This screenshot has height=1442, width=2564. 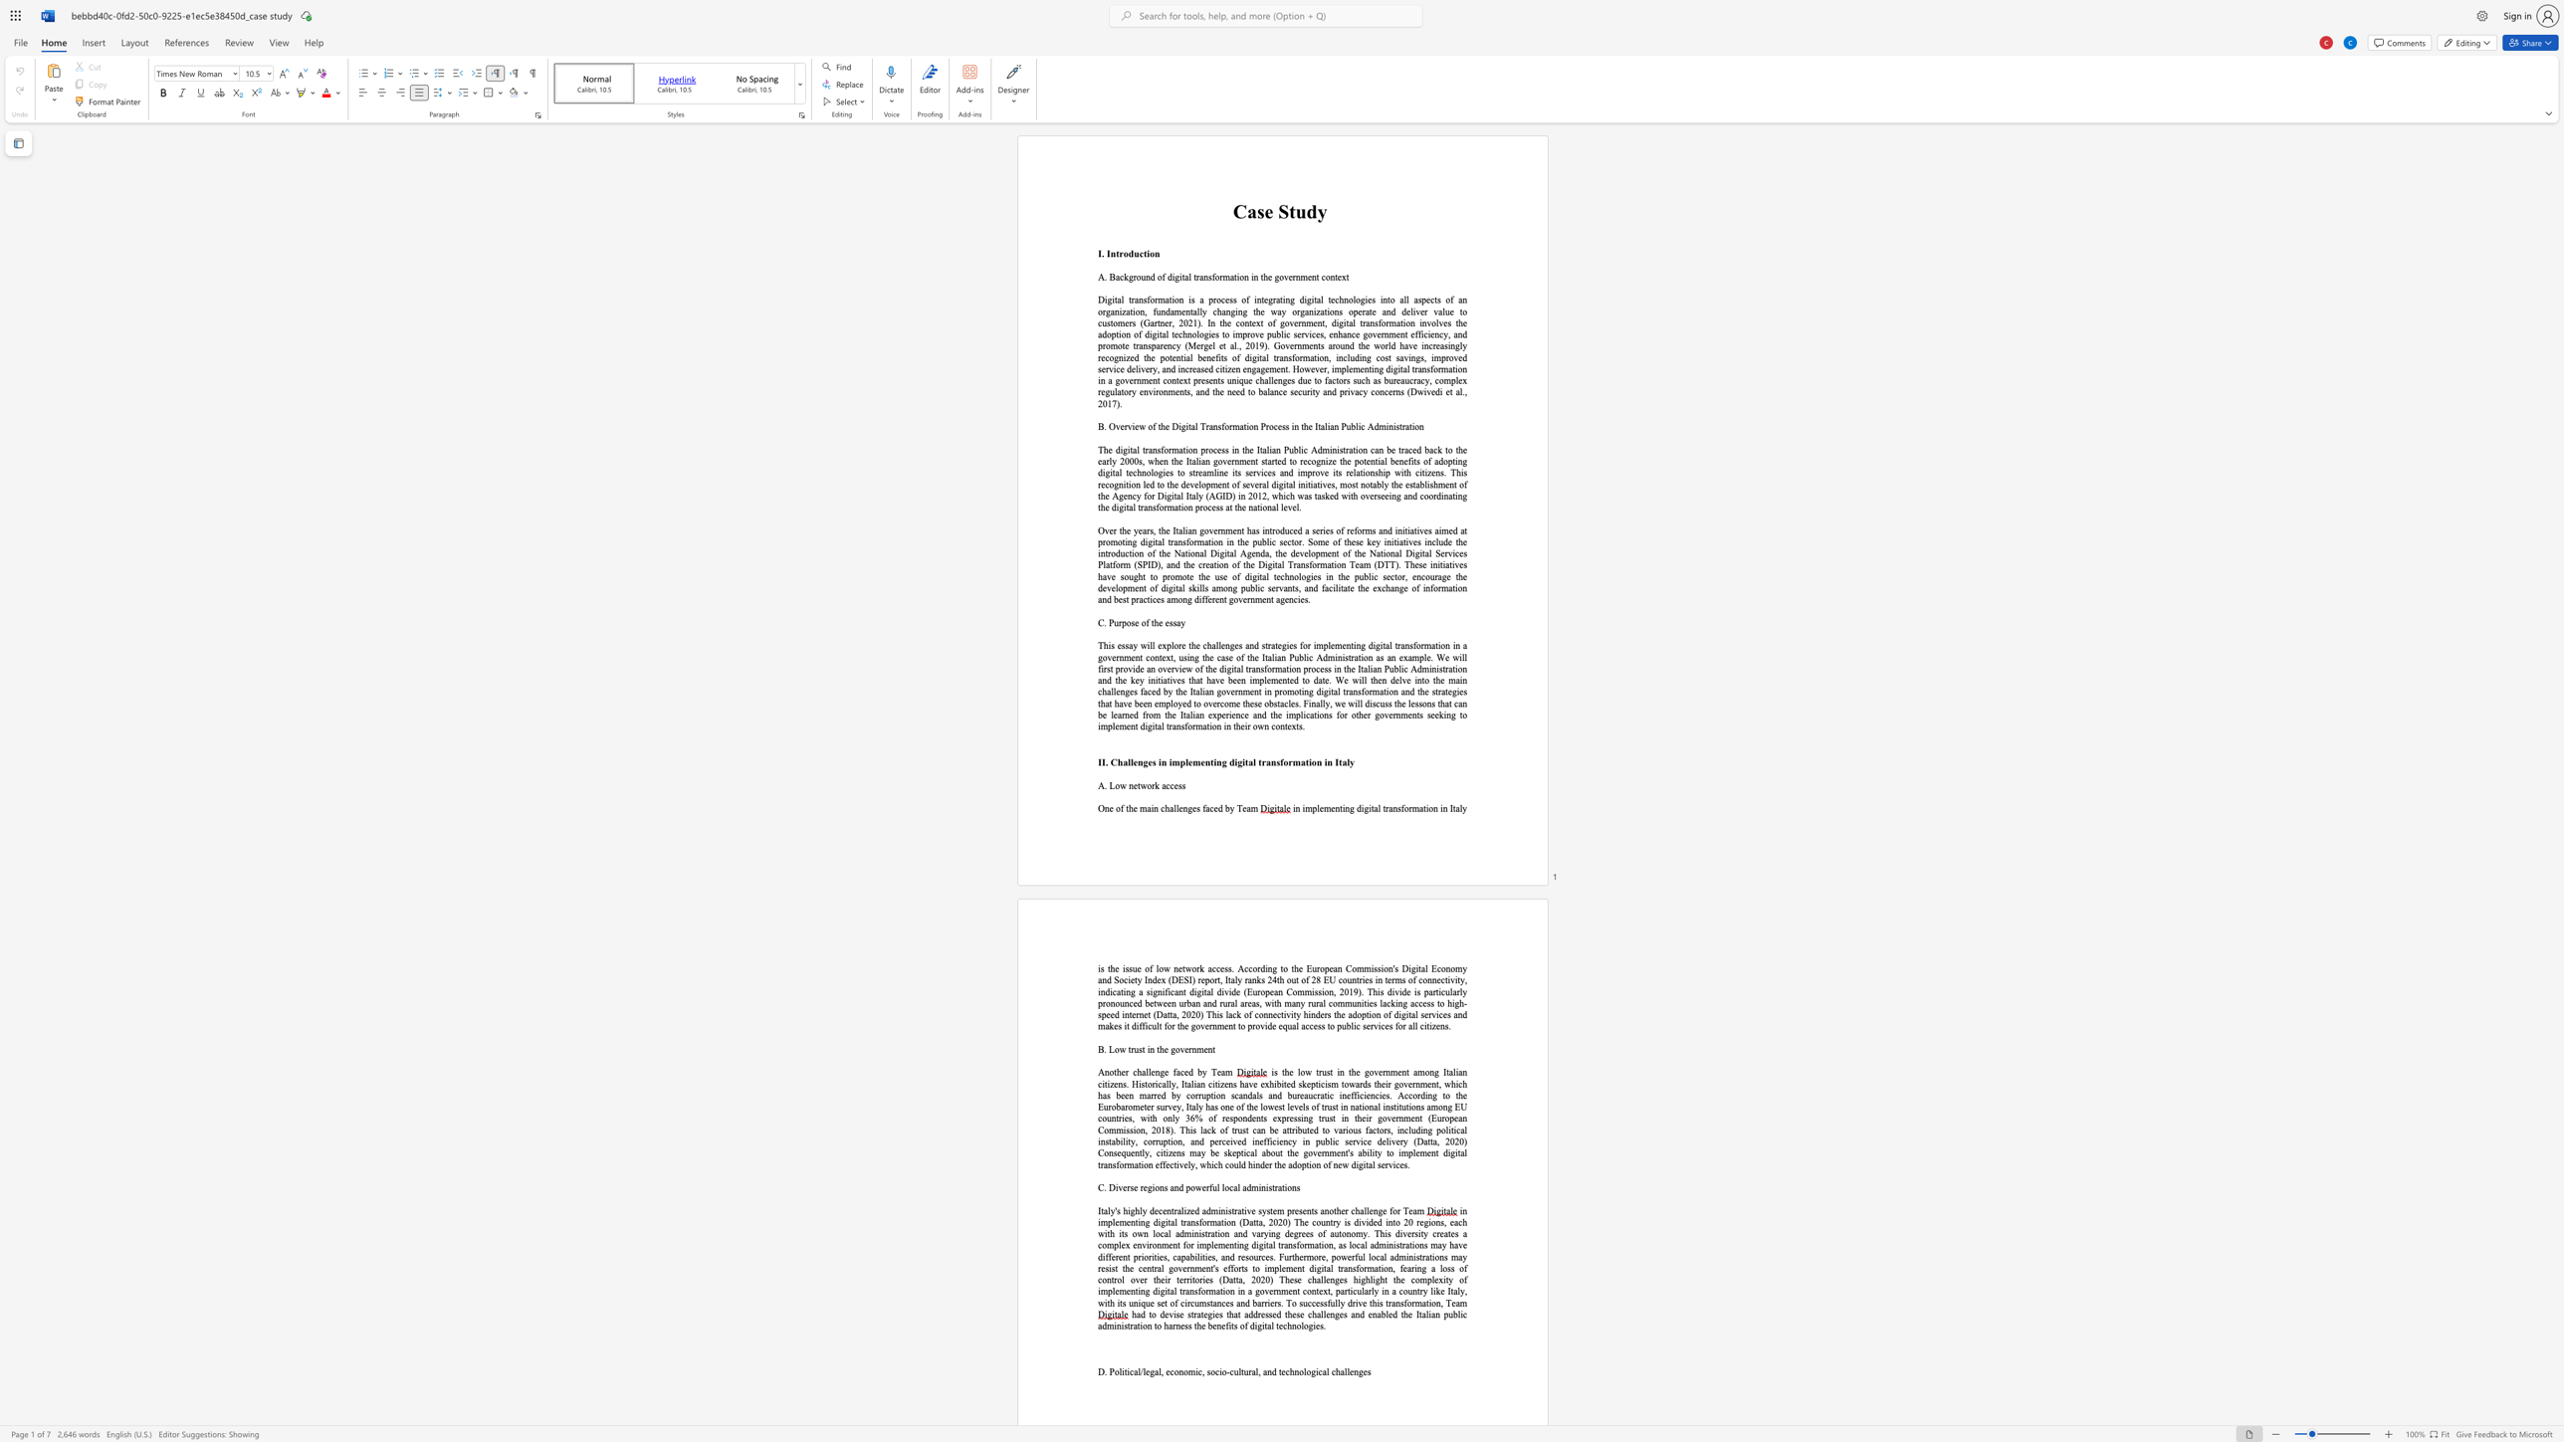 I want to click on the 2th character "e" in the text, so click(x=1160, y=622).